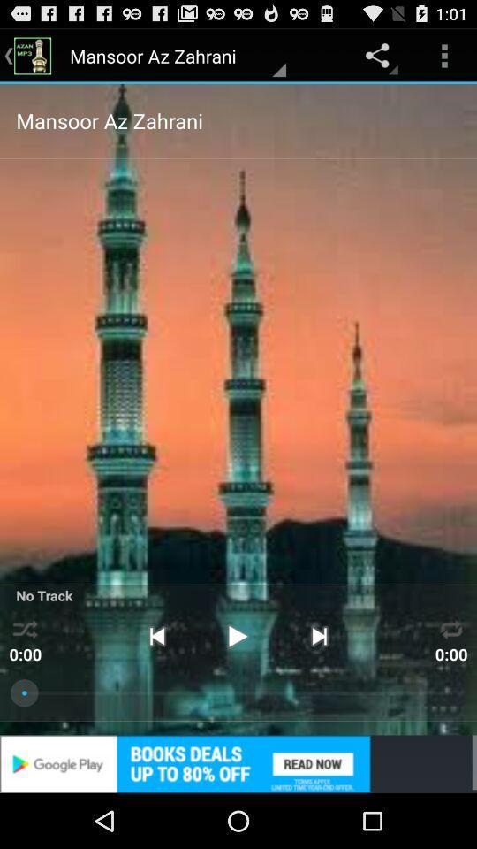  I want to click on the skip_previous icon, so click(156, 679).